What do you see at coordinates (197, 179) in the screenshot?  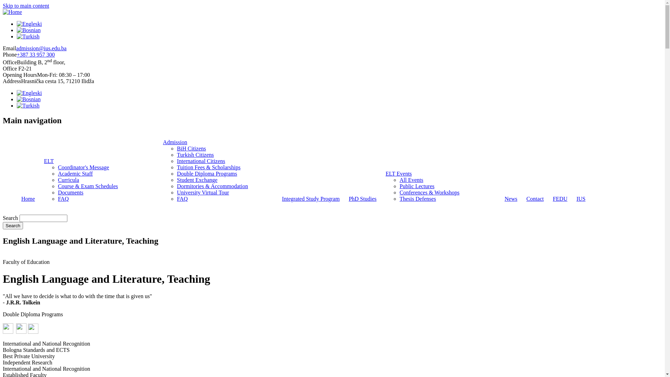 I see `'Student Exchange'` at bounding box center [197, 179].